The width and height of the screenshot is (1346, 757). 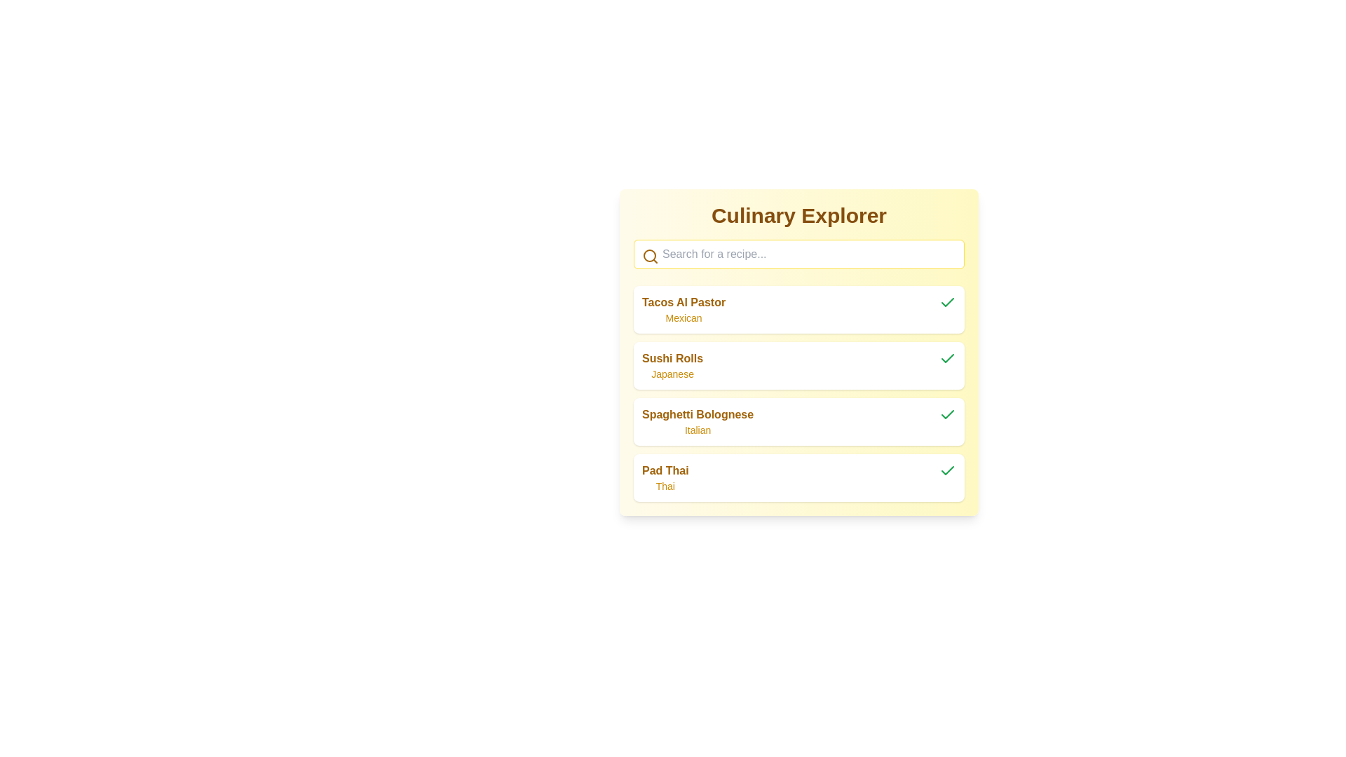 What do you see at coordinates (684, 302) in the screenshot?
I see `the text label indicating the name of a culinary dish, which is the first entry in the list and located above the 'Mexican' text` at bounding box center [684, 302].